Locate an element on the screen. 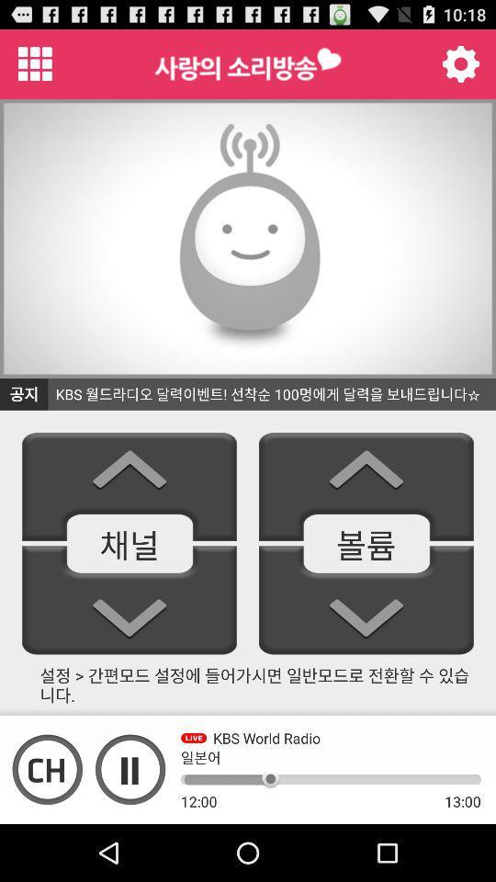  the fullscreen icon is located at coordinates (47, 822).